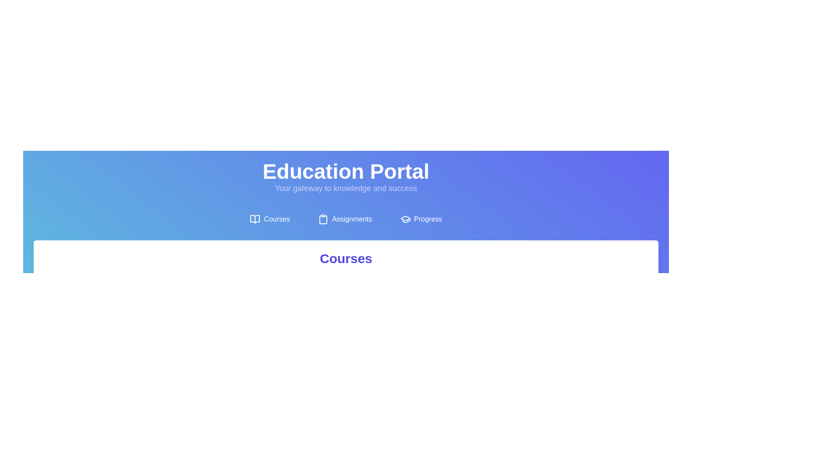  Describe the element at coordinates (421, 219) in the screenshot. I see `the Progress tab to view its content` at that location.